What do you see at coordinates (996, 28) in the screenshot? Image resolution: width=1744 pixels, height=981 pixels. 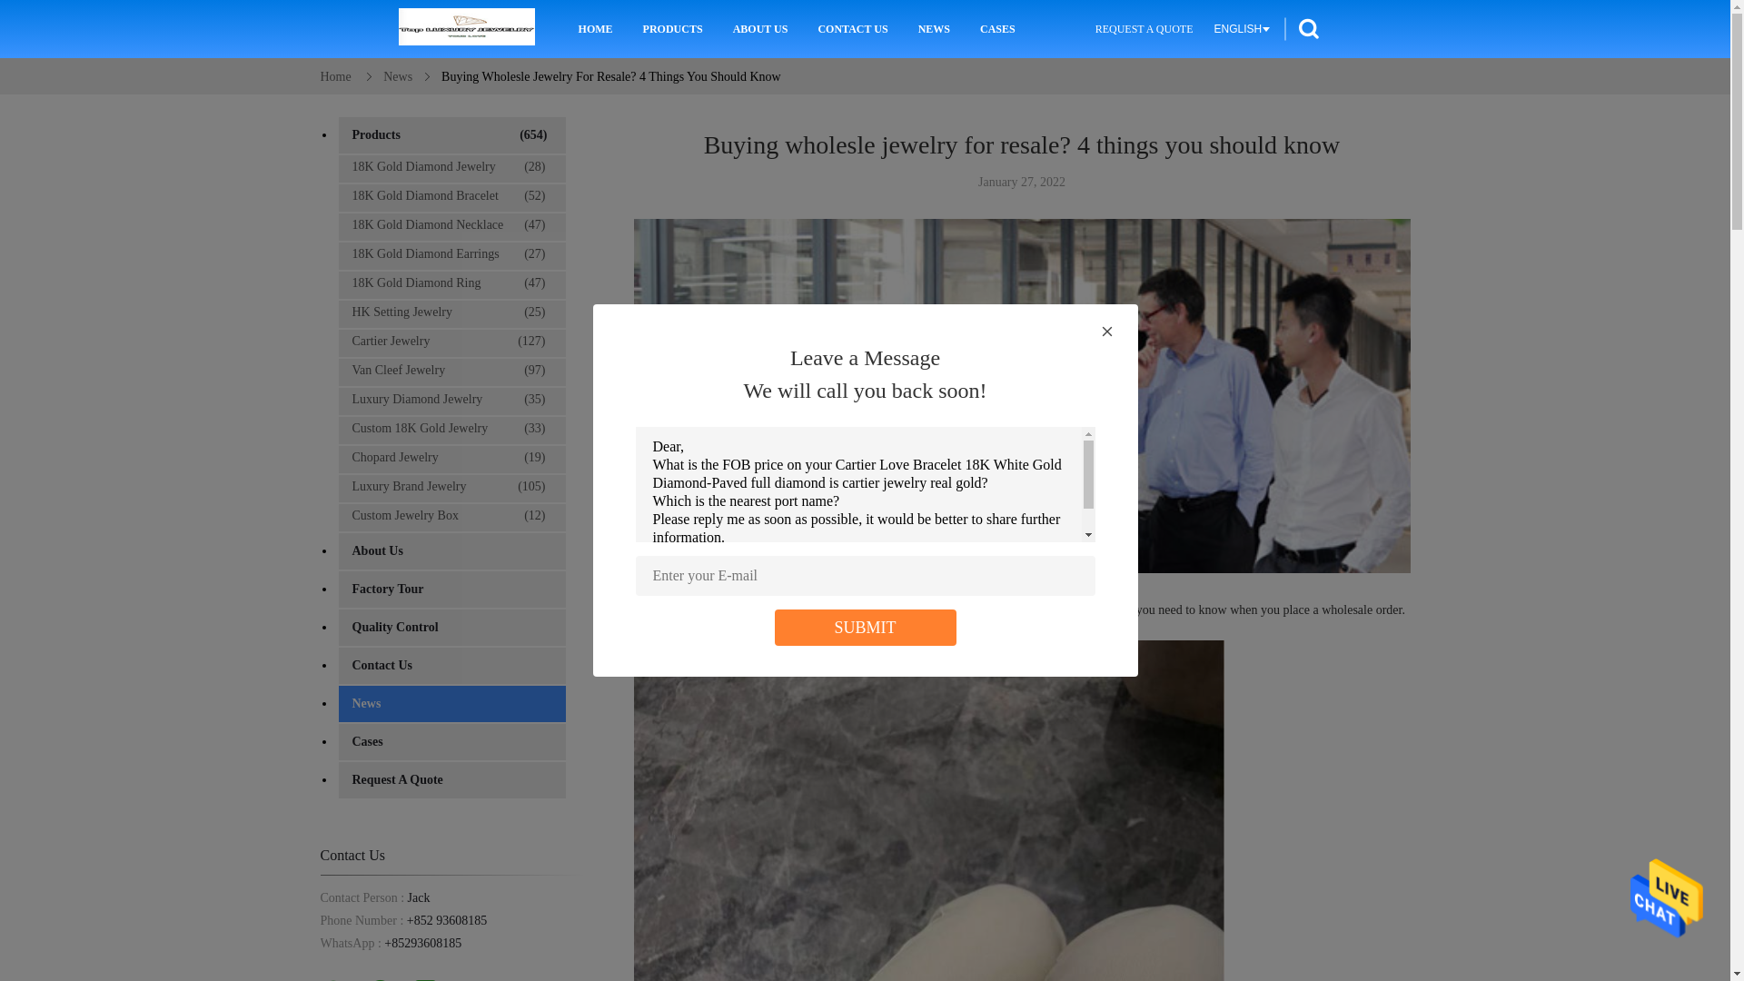 I see `'CASES'` at bounding box center [996, 28].